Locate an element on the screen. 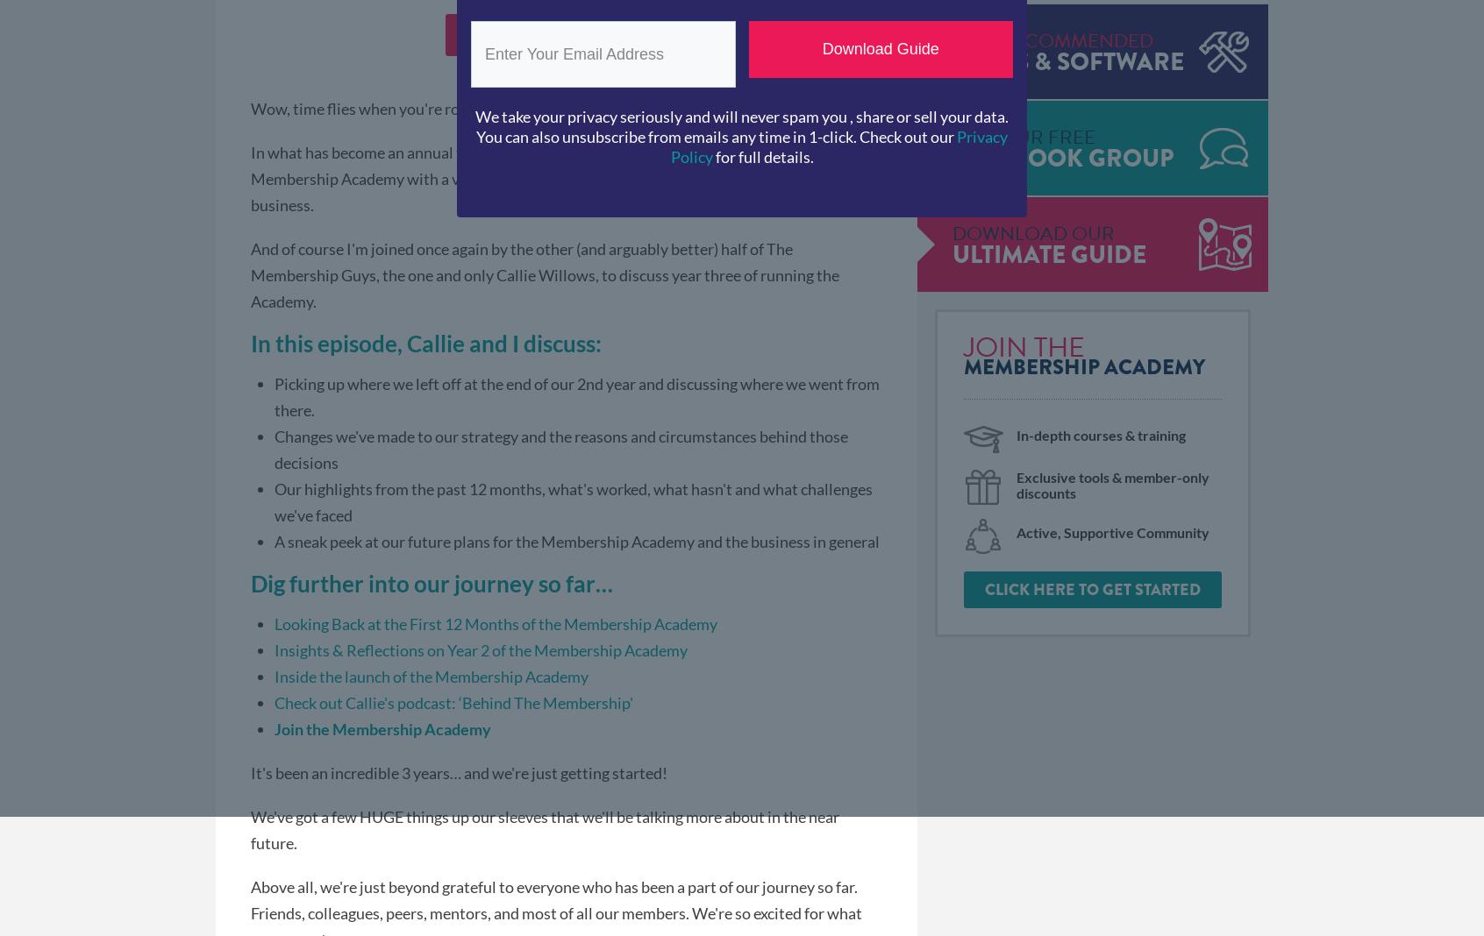 The image size is (1484, 936). 'Changes we've made to our strategy and the reasons and circumstances behind those decisions' is located at coordinates (561, 448).